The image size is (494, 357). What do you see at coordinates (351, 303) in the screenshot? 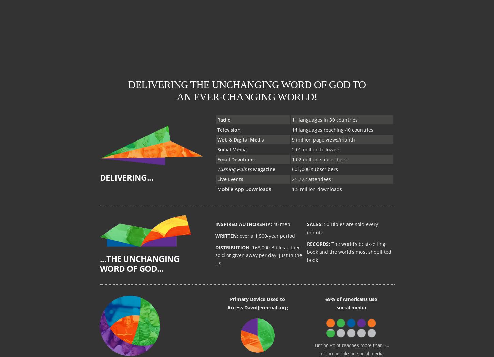
I see `'69% of Americans use social media'` at bounding box center [351, 303].